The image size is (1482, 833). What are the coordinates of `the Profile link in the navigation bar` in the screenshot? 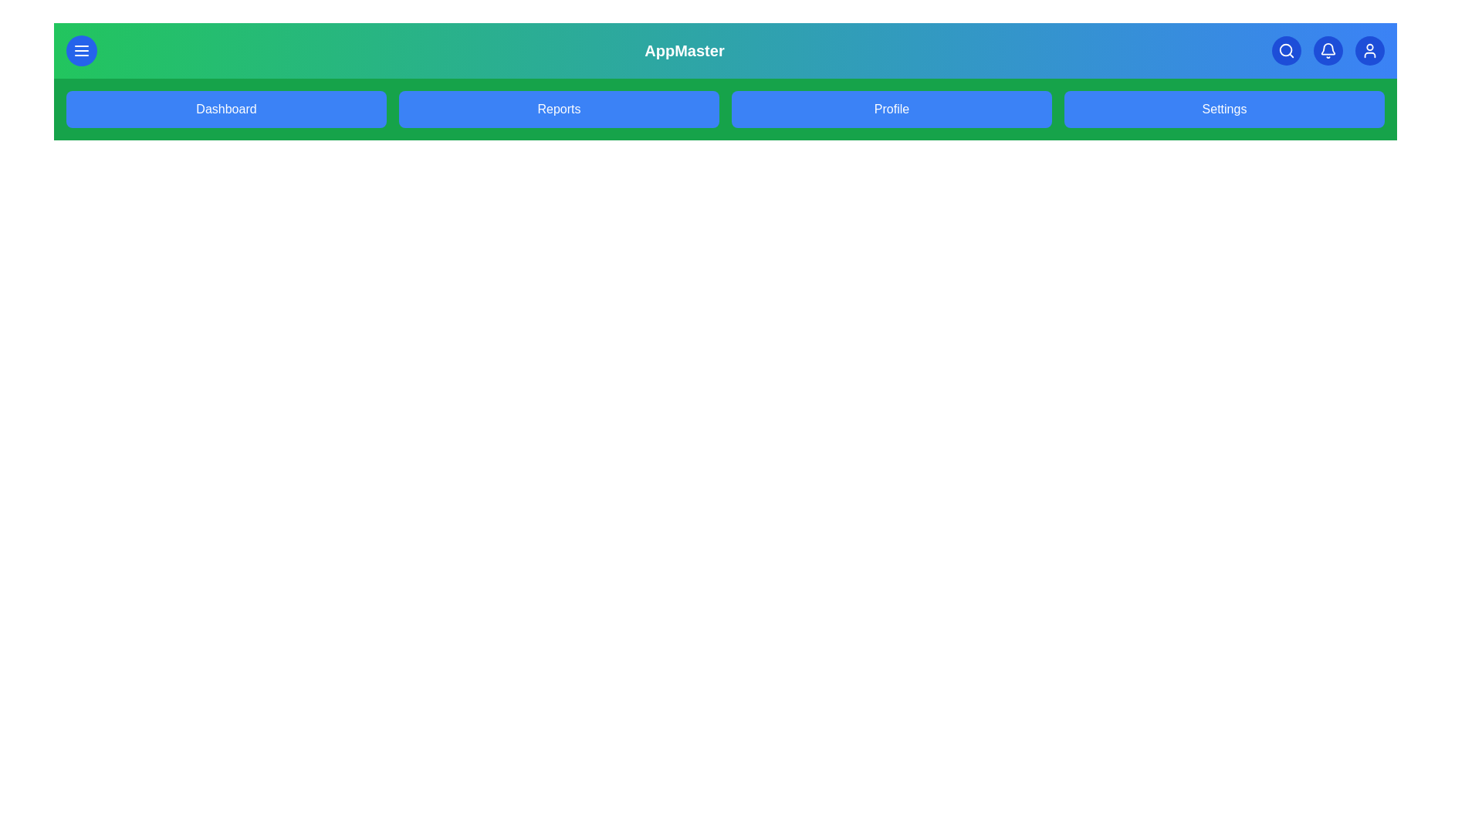 It's located at (892, 109).